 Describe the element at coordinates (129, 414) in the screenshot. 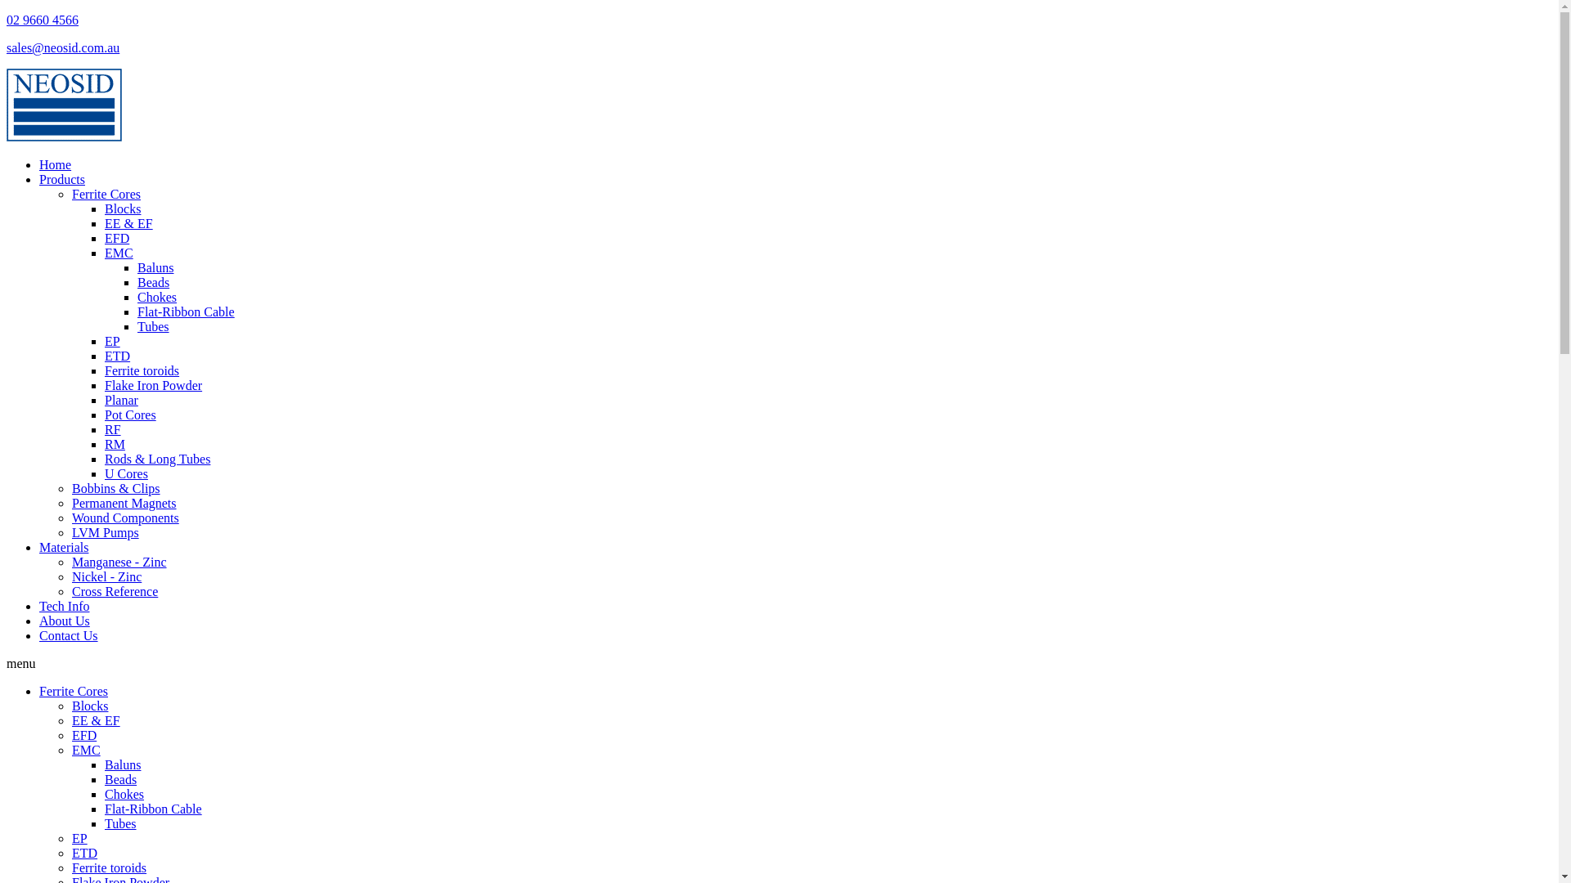

I see `'Pot Cores'` at that location.